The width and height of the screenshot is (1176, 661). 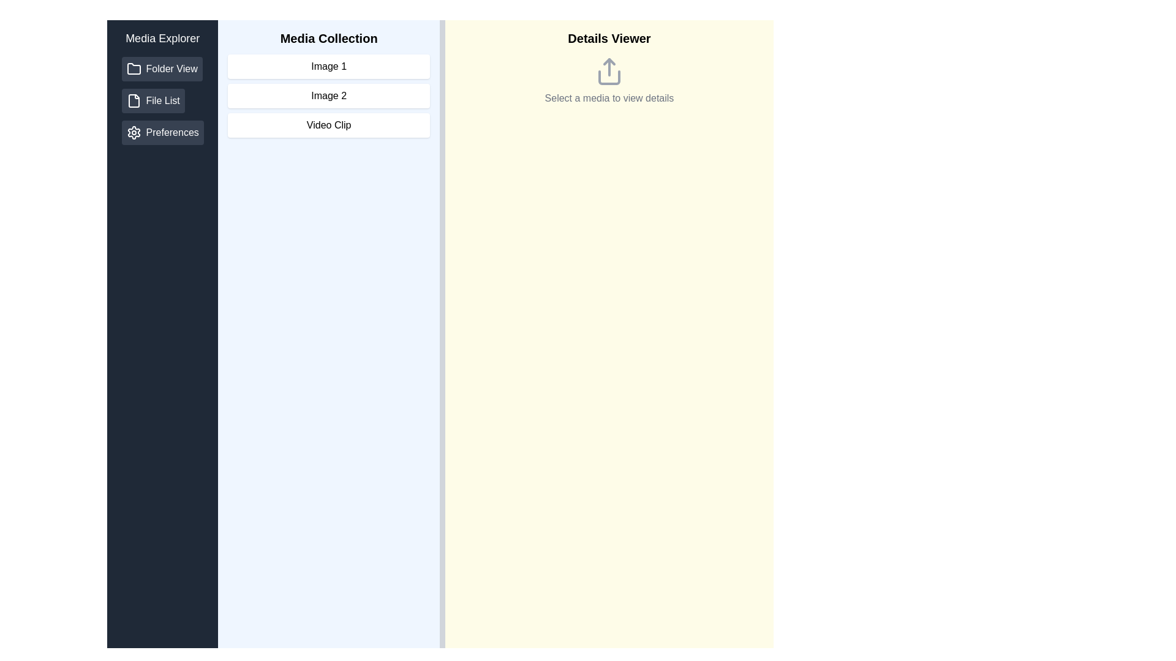 I want to click on the share icon, which is visually represented by an upward arrow and a box, located in the 'Details Viewer' section above the text 'Select a media, so click(x=609, y=71).